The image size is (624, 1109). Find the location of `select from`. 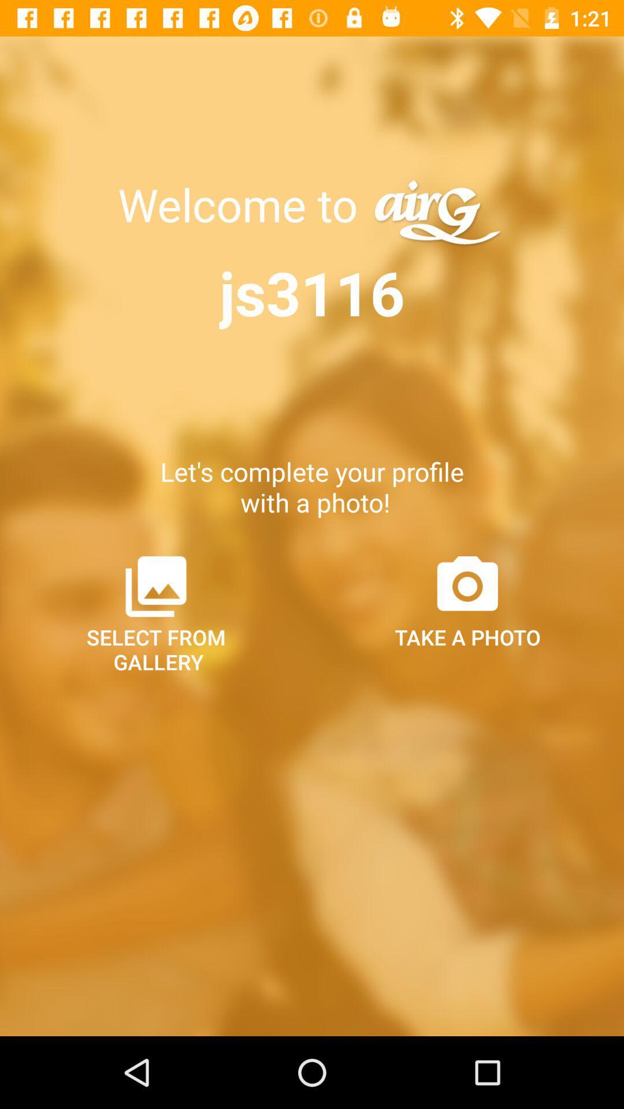

select from is located at coordinates (156, 612).